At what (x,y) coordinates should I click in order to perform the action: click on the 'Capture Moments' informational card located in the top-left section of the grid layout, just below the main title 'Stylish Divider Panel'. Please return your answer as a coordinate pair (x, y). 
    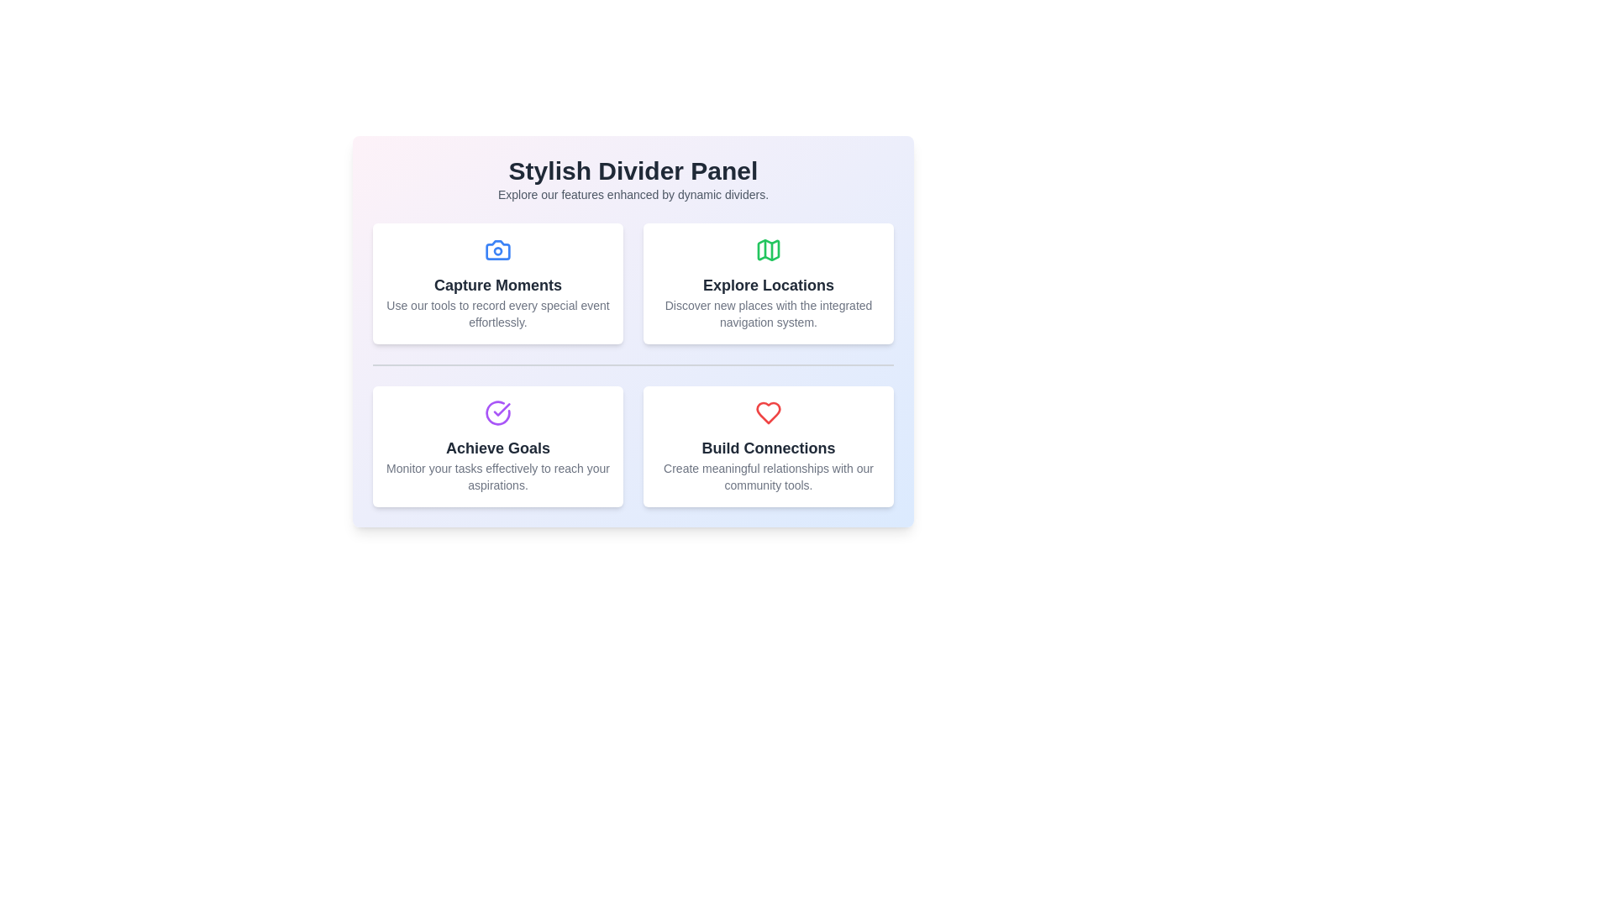
    Looking at the image, I should click on (497, 283).